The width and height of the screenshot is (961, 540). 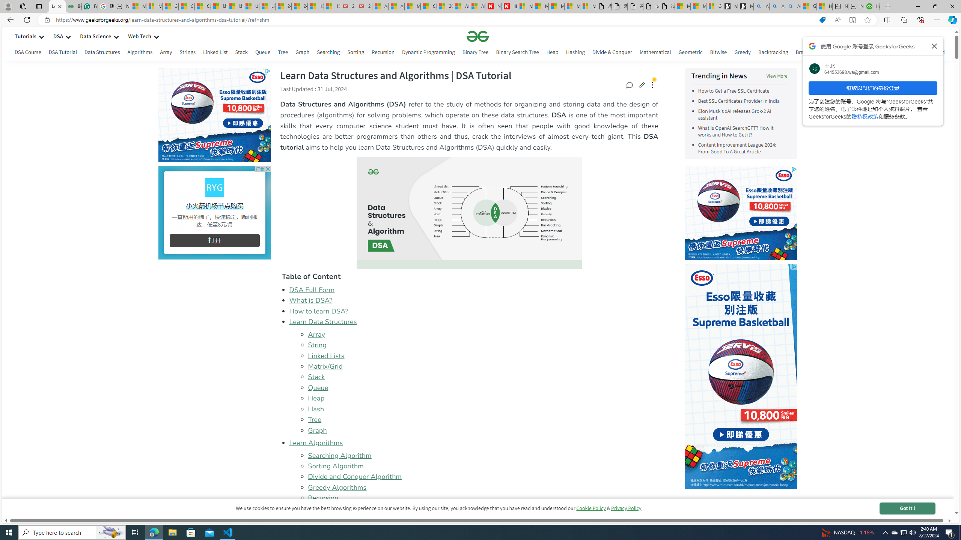 What do you see at coordinates (355, 53) in the screenshot?
I see `'Sorting'` at bounding box center [355, 53].